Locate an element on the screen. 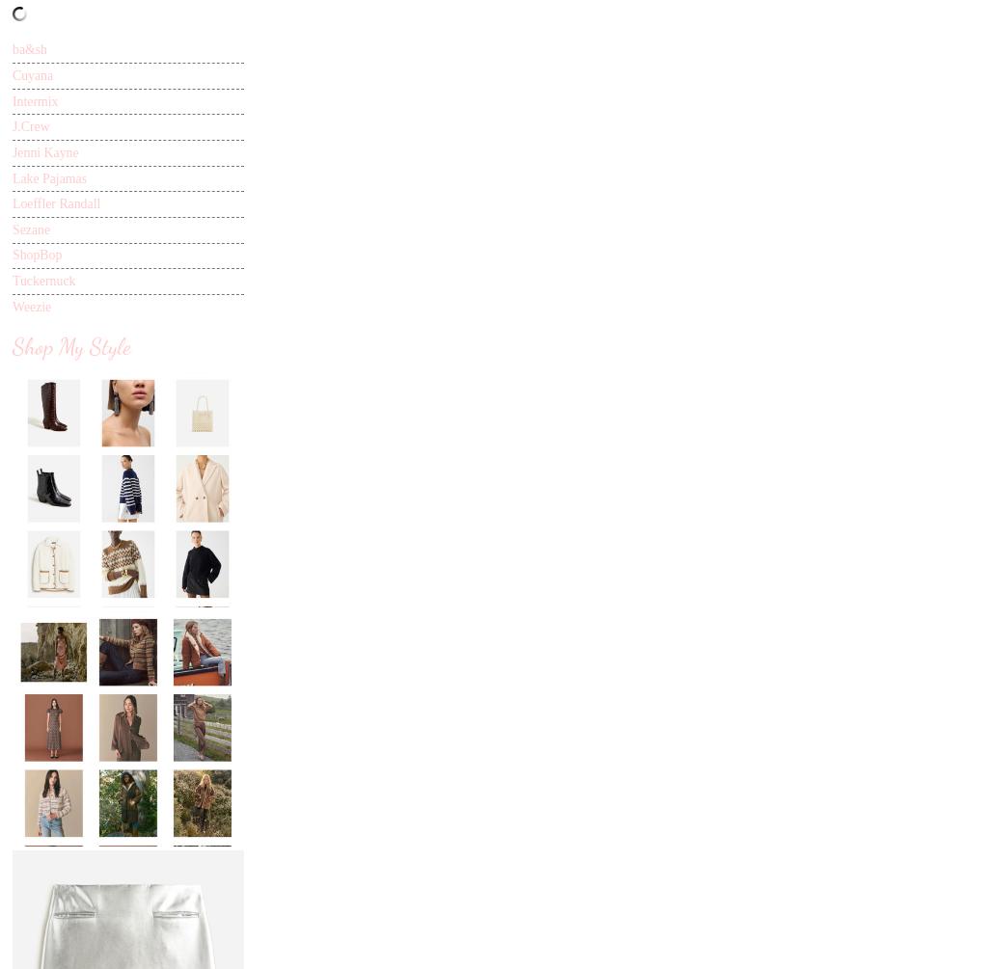  'Loeffler Randall' is located at coordinates (11, 202).